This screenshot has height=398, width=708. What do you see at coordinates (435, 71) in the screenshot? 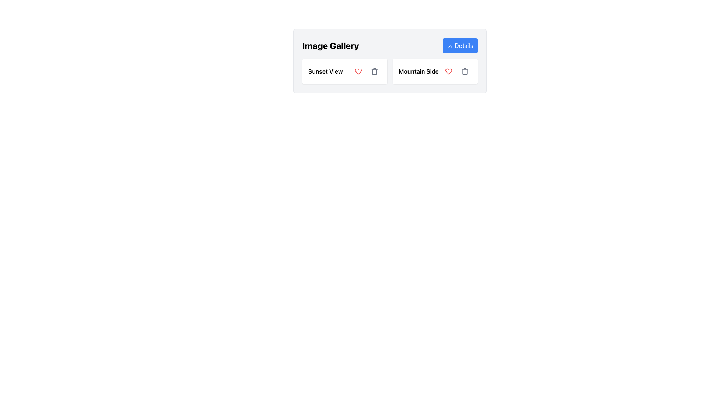
I see `the card labeled 'Mountain Side' in the image gallery` at bounding box center [435, 71].